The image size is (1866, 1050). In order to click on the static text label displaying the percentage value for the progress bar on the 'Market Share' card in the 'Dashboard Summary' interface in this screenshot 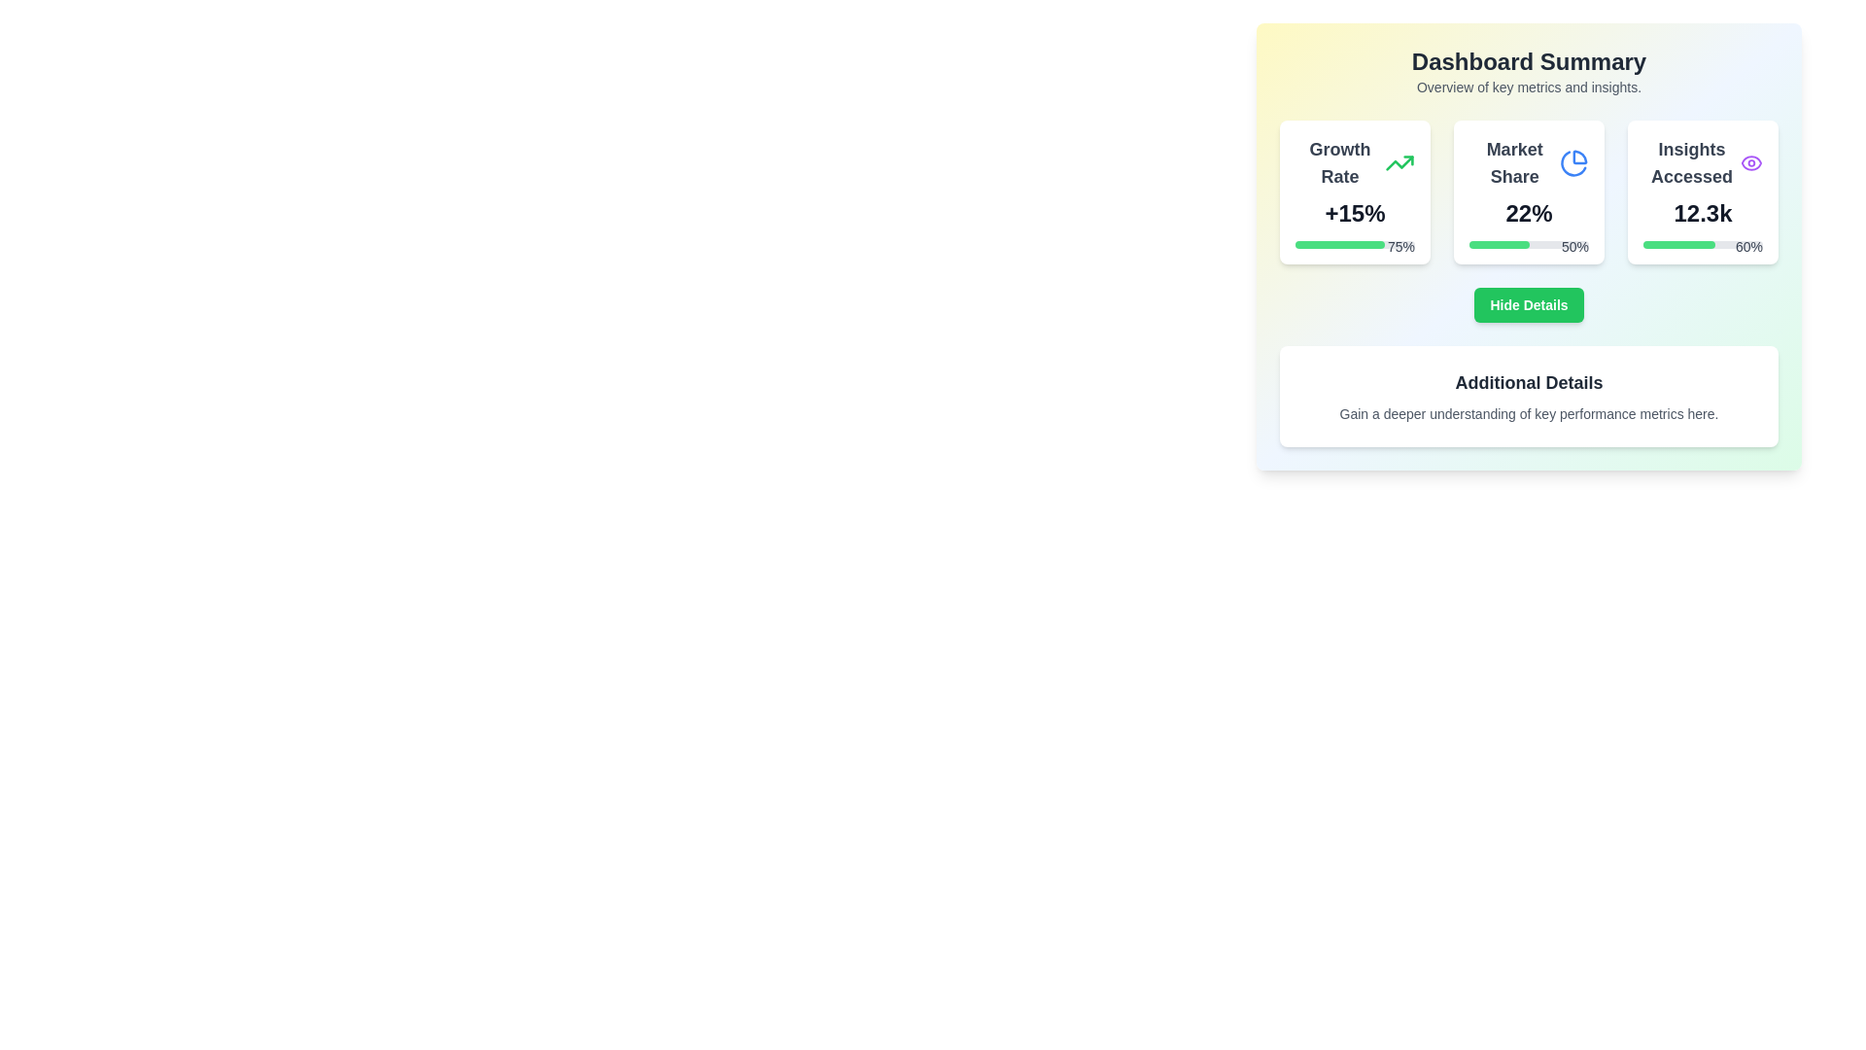, I will do `click(1575, 246)`.